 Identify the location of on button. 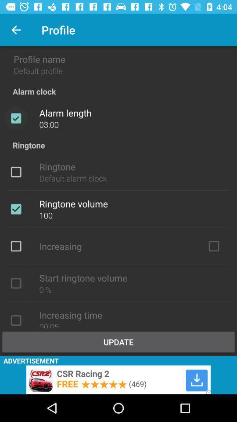
(213, 246).